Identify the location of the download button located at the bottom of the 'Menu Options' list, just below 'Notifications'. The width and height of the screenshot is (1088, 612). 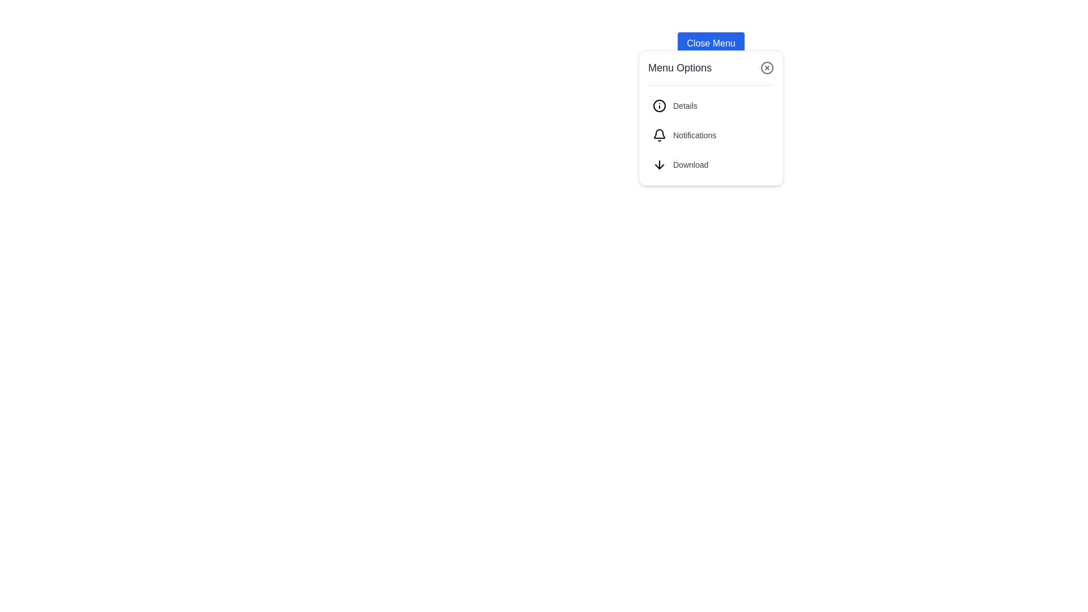
(710, 164).